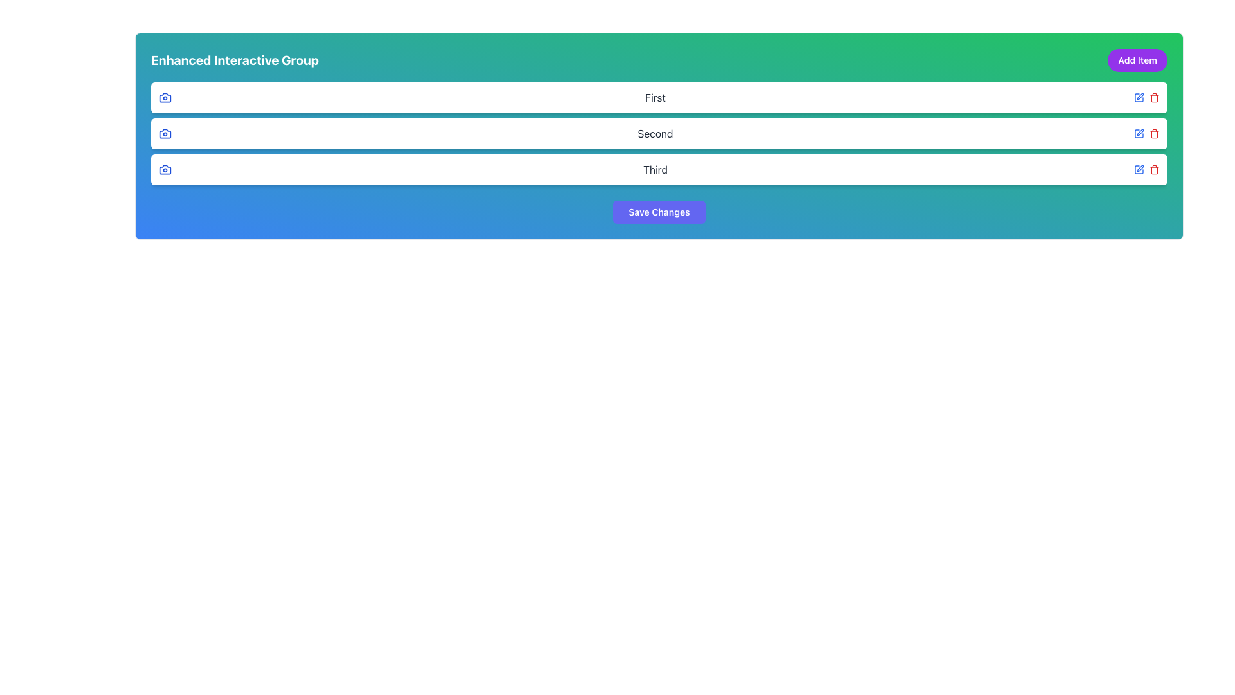 This screenshot has height=695, width=1235. Describe the element at coordinates (655, 97) in the screenshot. I see `the text label that identifies the first item in the 'Enhanced Interactive Group', located at the top of a vertically stacked list, above the items labeled 'Second' and 'Third'` at that location.